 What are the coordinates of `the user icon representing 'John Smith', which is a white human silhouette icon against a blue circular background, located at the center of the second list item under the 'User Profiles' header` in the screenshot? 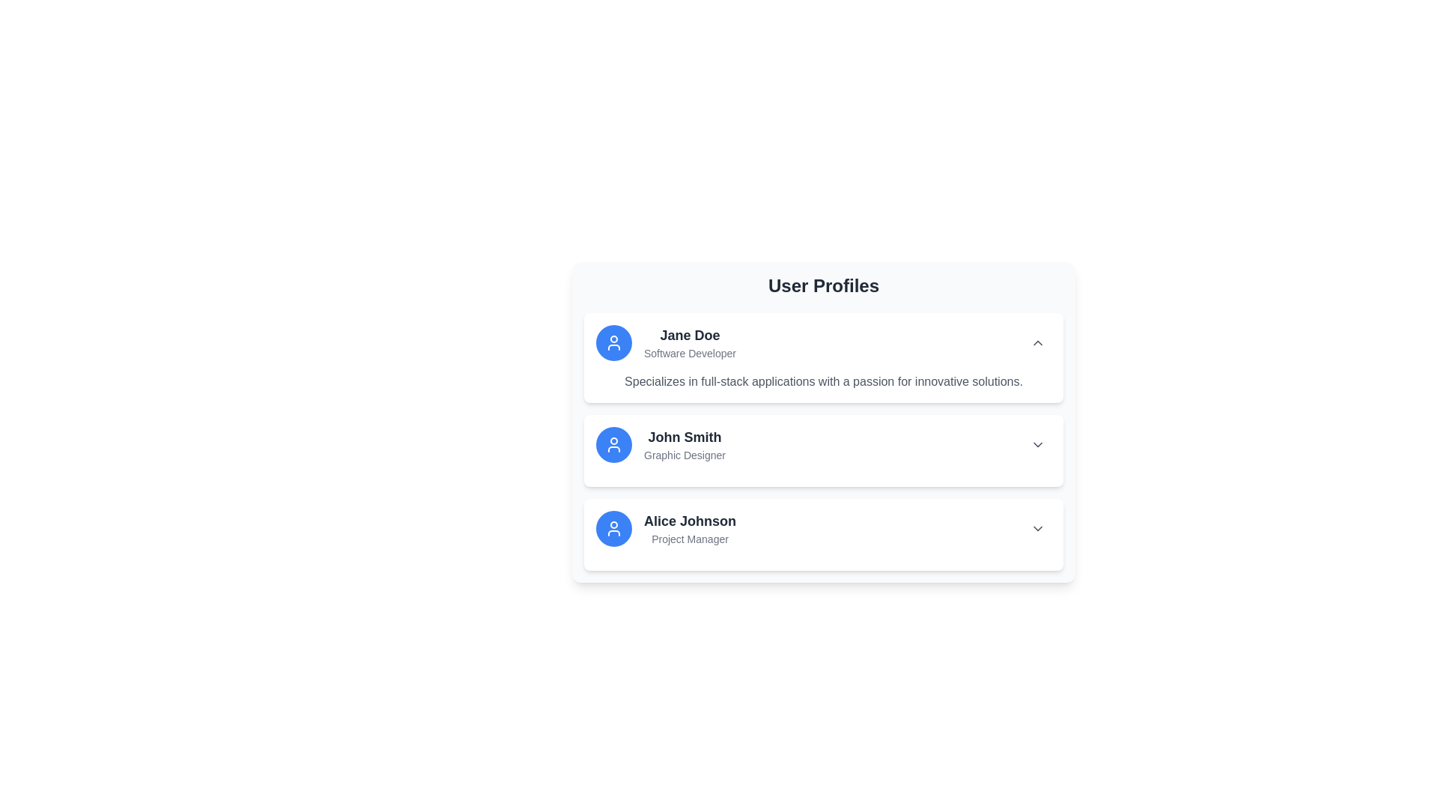 It's located at (614, 444).